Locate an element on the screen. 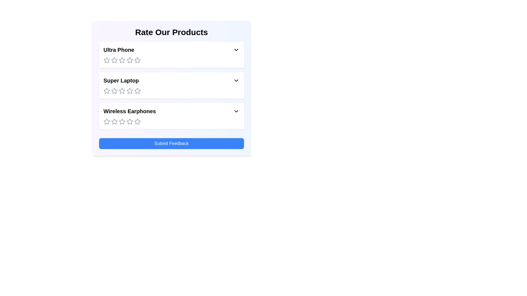 The height and width of the screenshot is (296, 527). the rating for the product 'Super Laptop' to 1 stars is located at coordinates (106, 90).